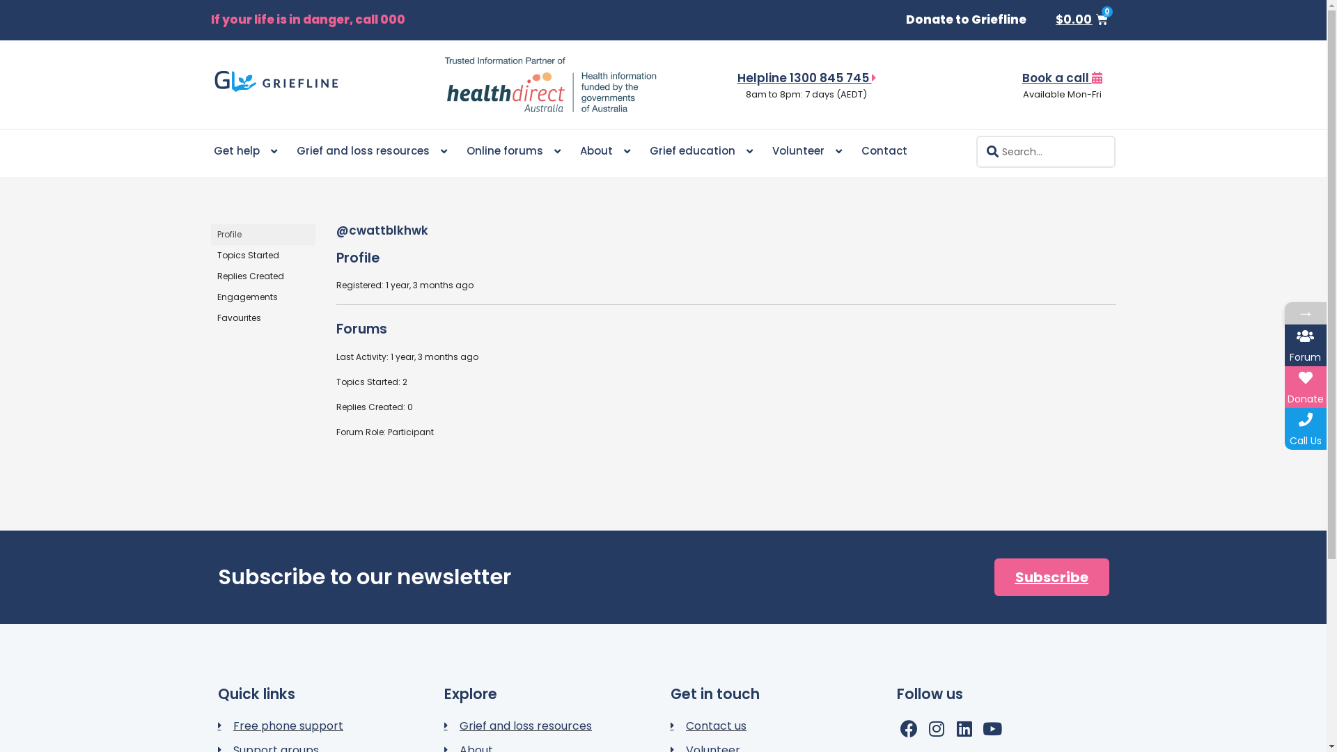 The image size is (1337, 752). What do you see at coordinates (806, 151) in the screenshot?
I see `'Volunteer'` at bounding box center [806, 151].